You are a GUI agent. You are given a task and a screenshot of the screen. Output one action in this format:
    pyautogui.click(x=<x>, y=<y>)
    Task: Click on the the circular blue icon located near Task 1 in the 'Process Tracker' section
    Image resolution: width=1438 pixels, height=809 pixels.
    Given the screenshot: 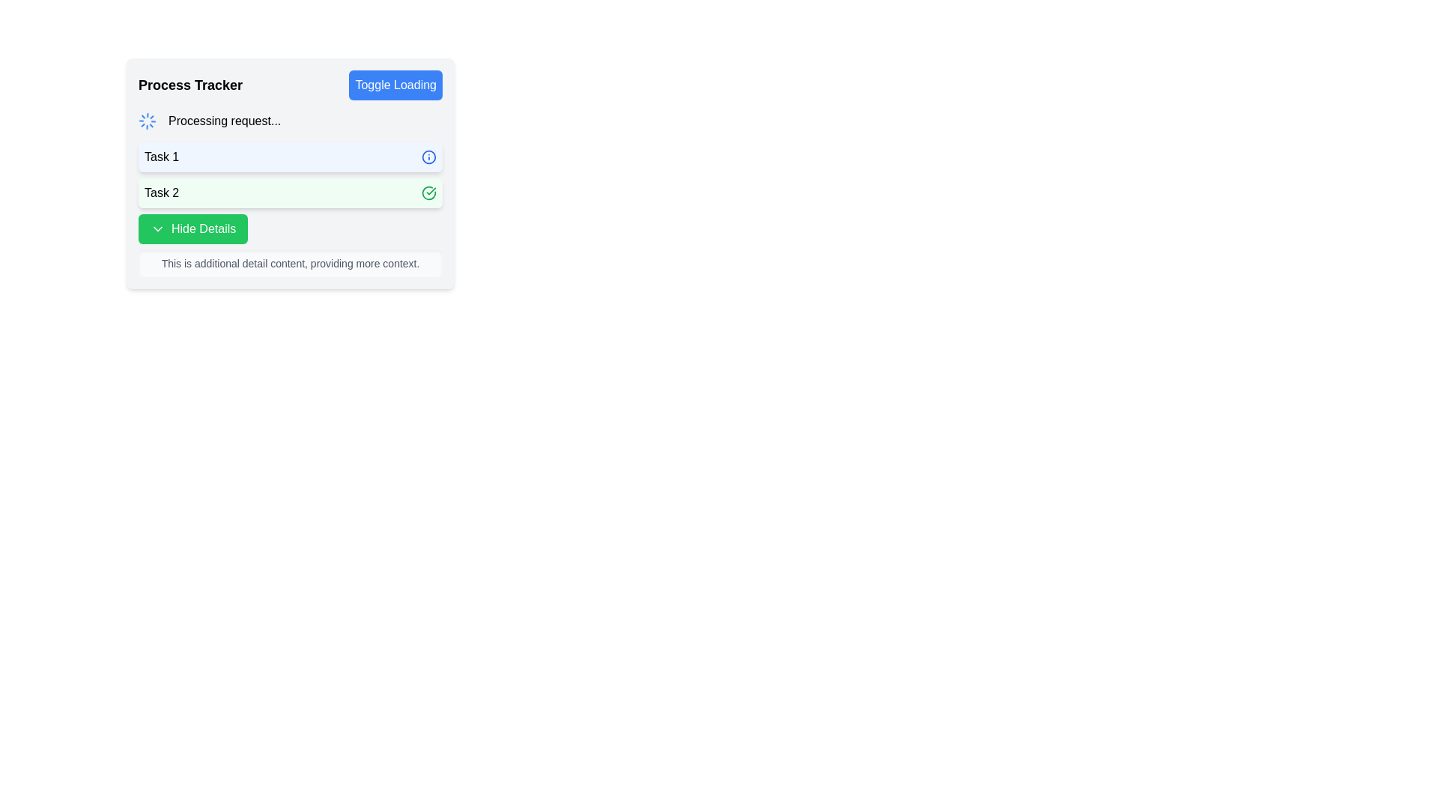 What is the action you would take?
    pyautogui.click(x=428, y=157)
    